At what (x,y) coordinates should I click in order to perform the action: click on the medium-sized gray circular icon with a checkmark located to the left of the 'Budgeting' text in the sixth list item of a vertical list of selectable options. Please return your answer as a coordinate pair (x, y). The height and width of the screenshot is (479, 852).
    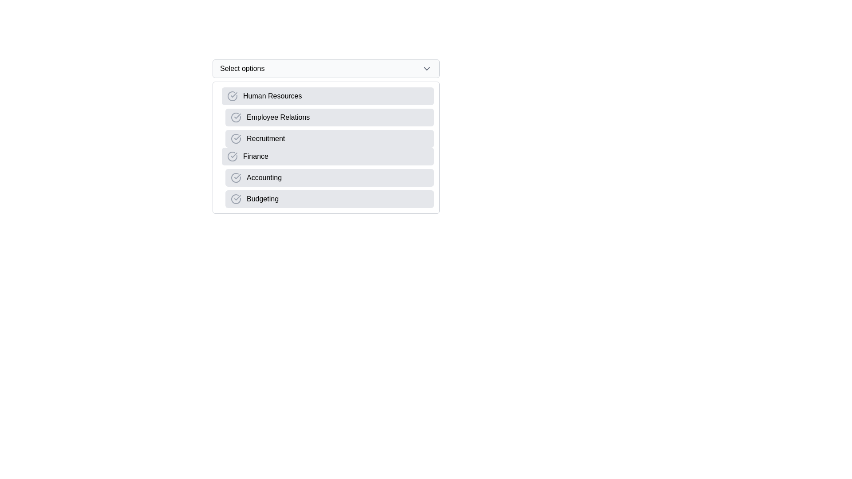
    Looking at the image, I should click on (236, 198).